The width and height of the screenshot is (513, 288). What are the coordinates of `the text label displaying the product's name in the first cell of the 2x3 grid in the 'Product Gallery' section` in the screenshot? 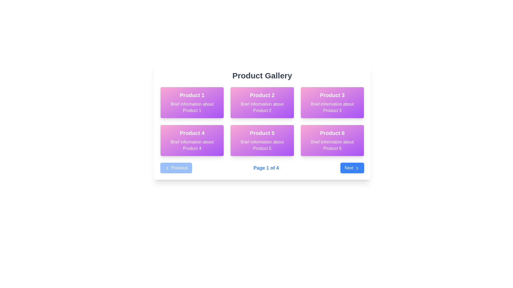 It's located at (192, 95).